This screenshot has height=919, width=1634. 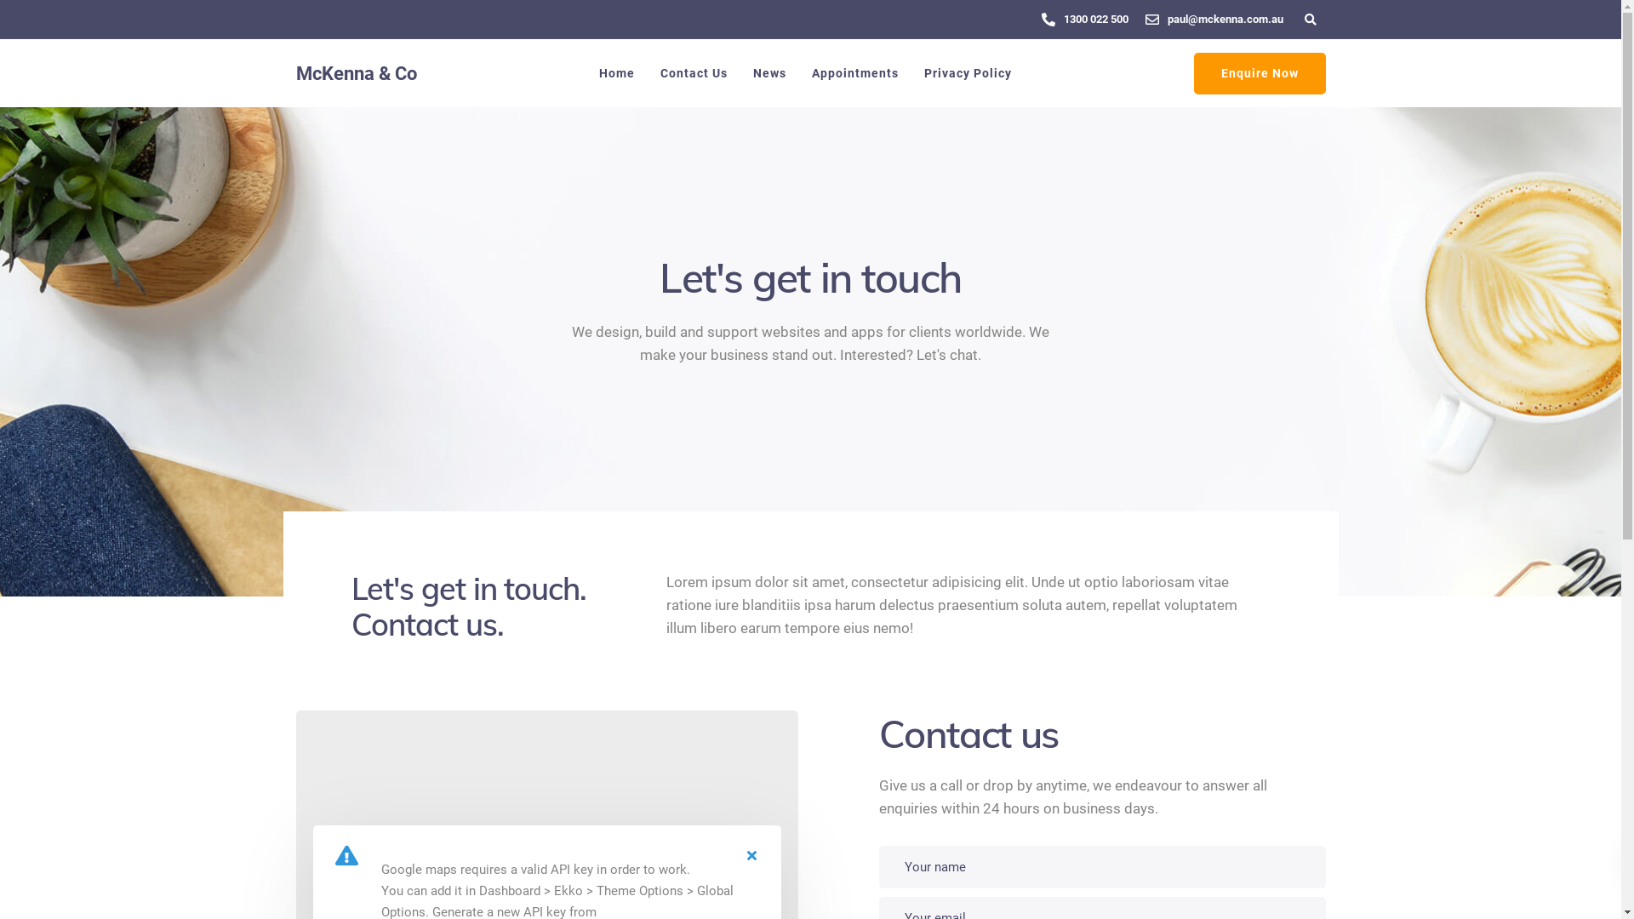 I want to click on 'News', so click(x=740, y=71).